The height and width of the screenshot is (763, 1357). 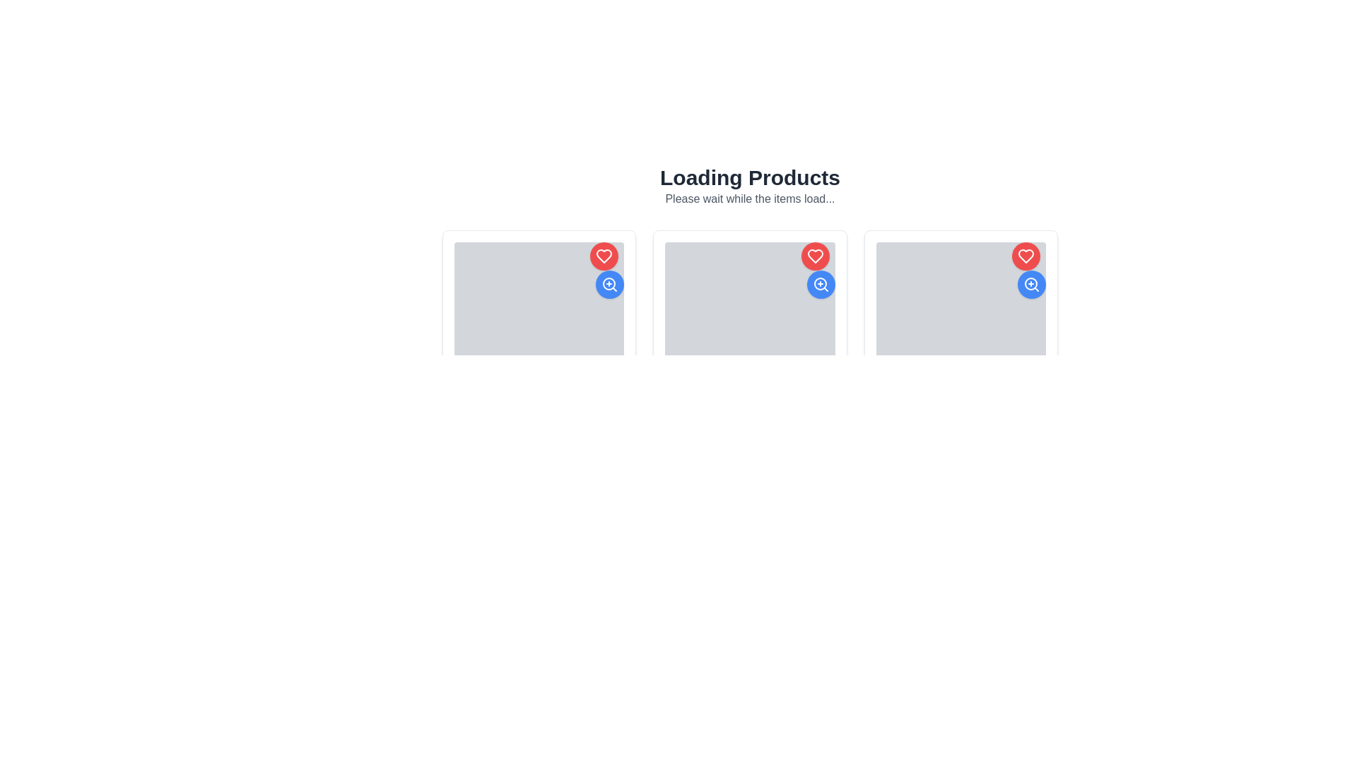 What do you see at coordinates (820, 283) in the screenshot?
I see `the SVG Circle representing the lens of a magnifying glass icon, located at the bottom right corner of the group associated with a gray square image` at bounding box center [820, 283].